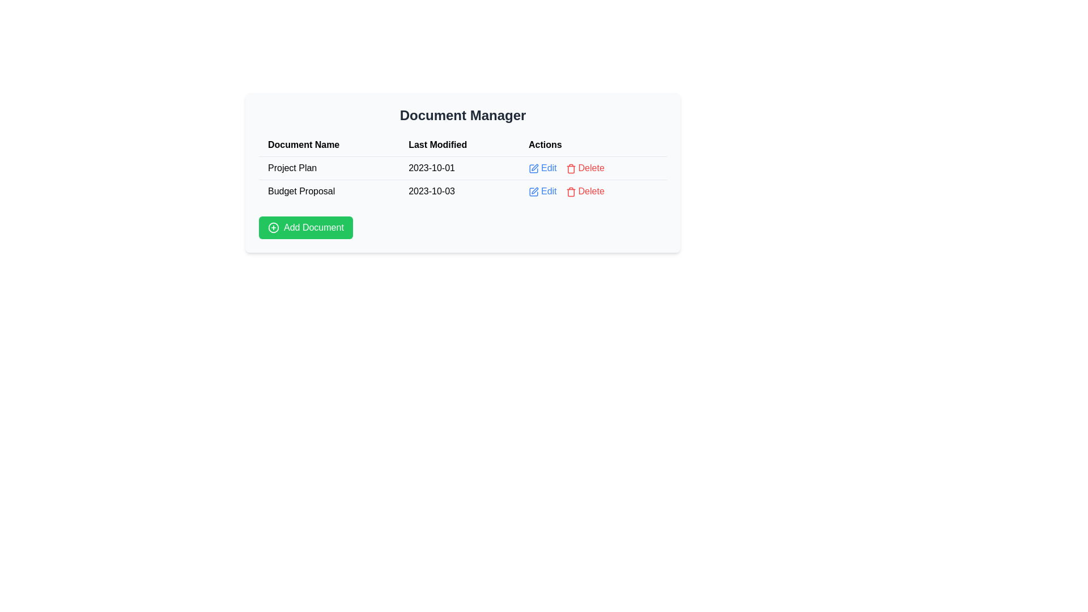  Describe the element at coordinates (571, 169) in the screenshot. I see `the 'Delete' icon in the last column under the 'Actions' header for the 'Budget Proposal' entry` at that location.